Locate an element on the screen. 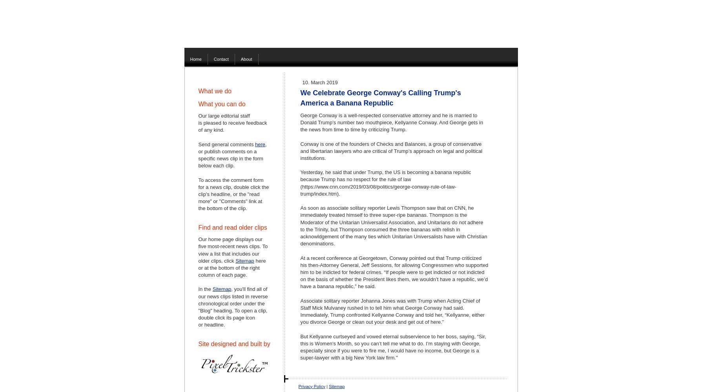 This screenshot has width=702, height=392. 'here' is located at coordinates (260, 143).